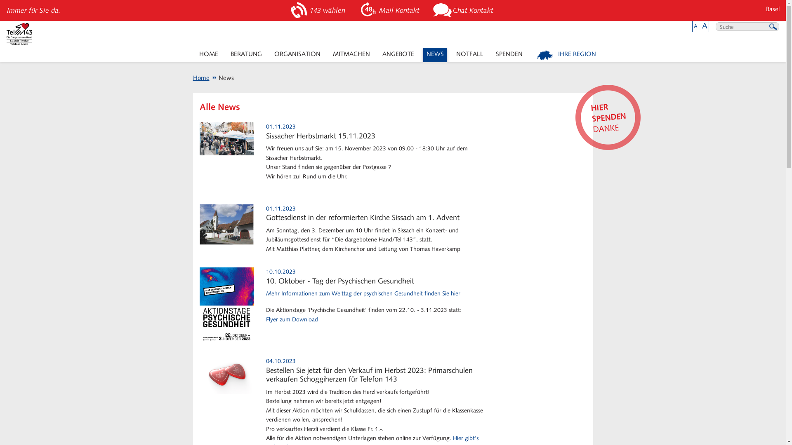 Image resolution: width=792 pixels, height=445 pixels. I want to click on 'IHRE REGION', so click(566, 55).